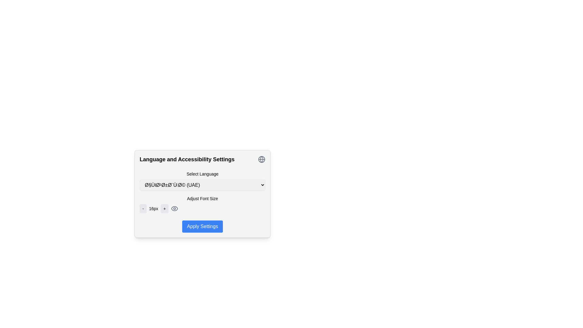  Describe the element at coordinates (203, 159) in the screenshot. I see `the section titled 'Language` at that location.